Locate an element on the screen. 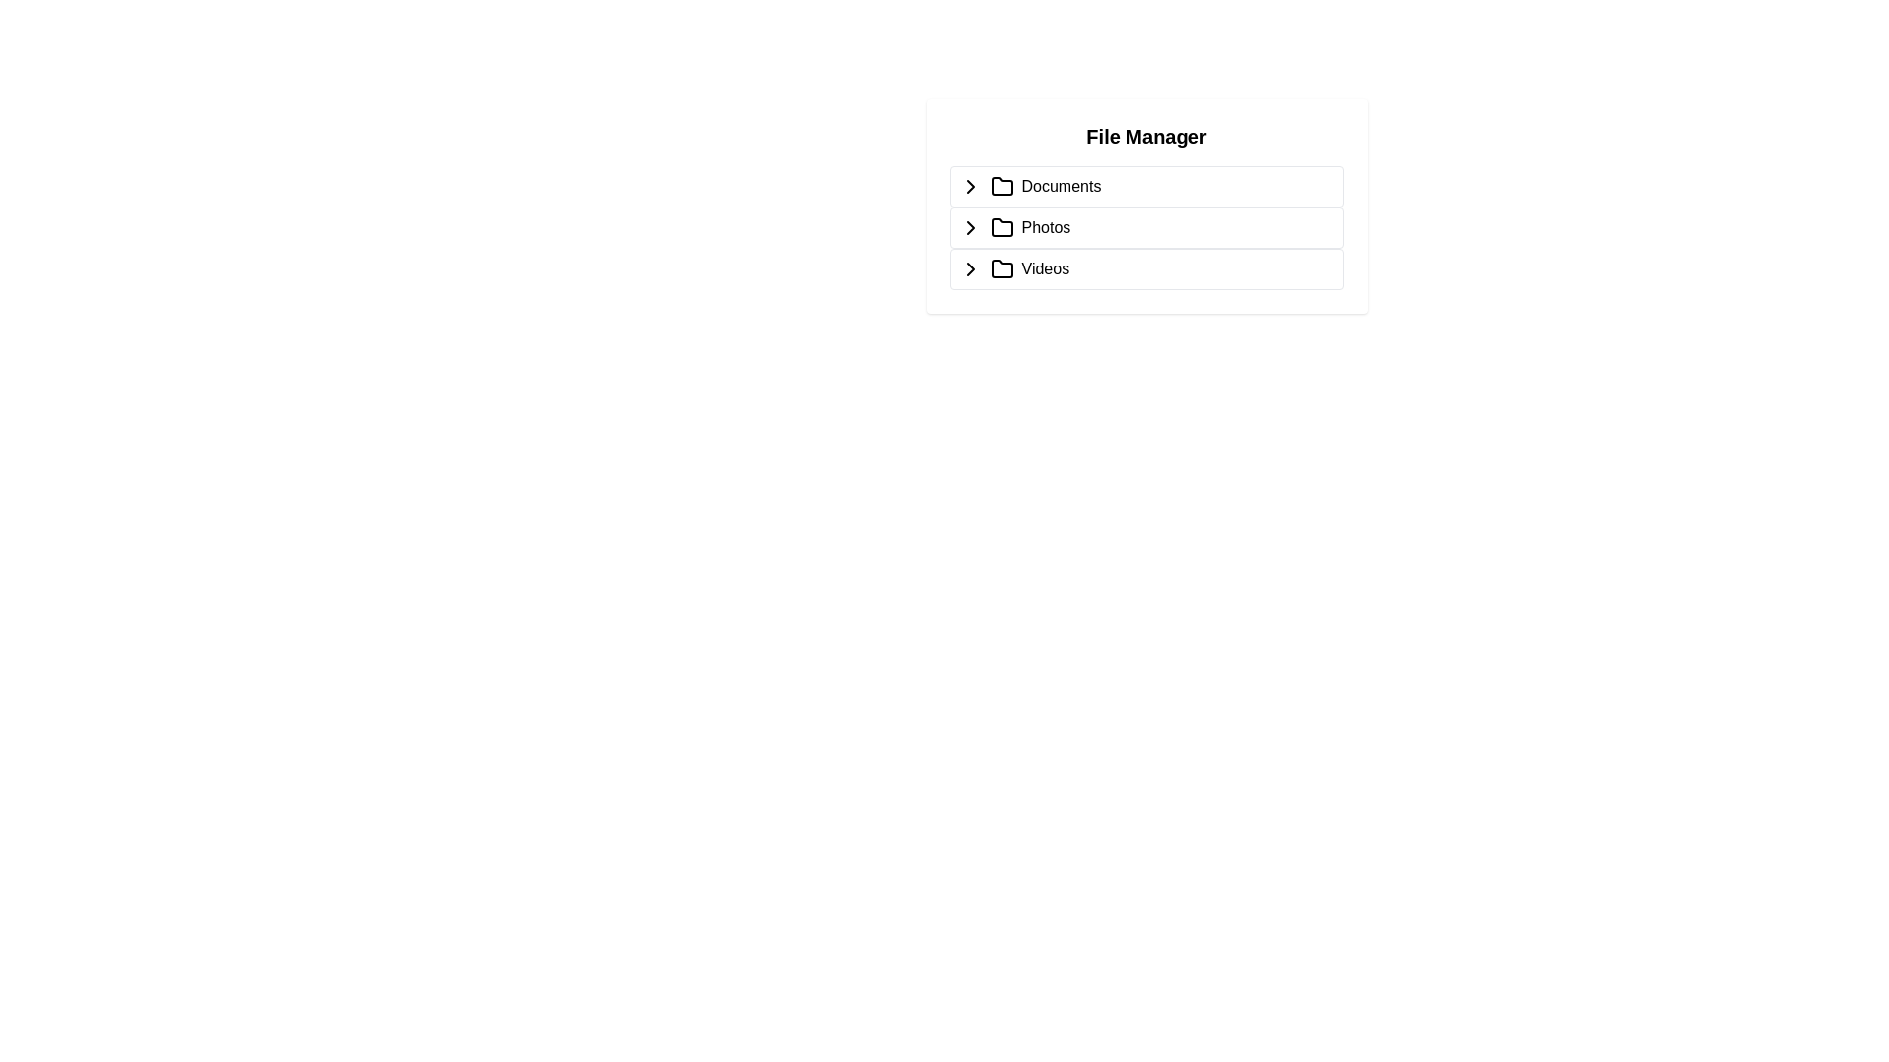 Image resolution: width=1889 pixels, height=1062 pixels. the 'Documents' folder label in the 'File Manager' list interface, which is located to the right of the folder icon and the chevron icon is located at coordinates (1061, 186).